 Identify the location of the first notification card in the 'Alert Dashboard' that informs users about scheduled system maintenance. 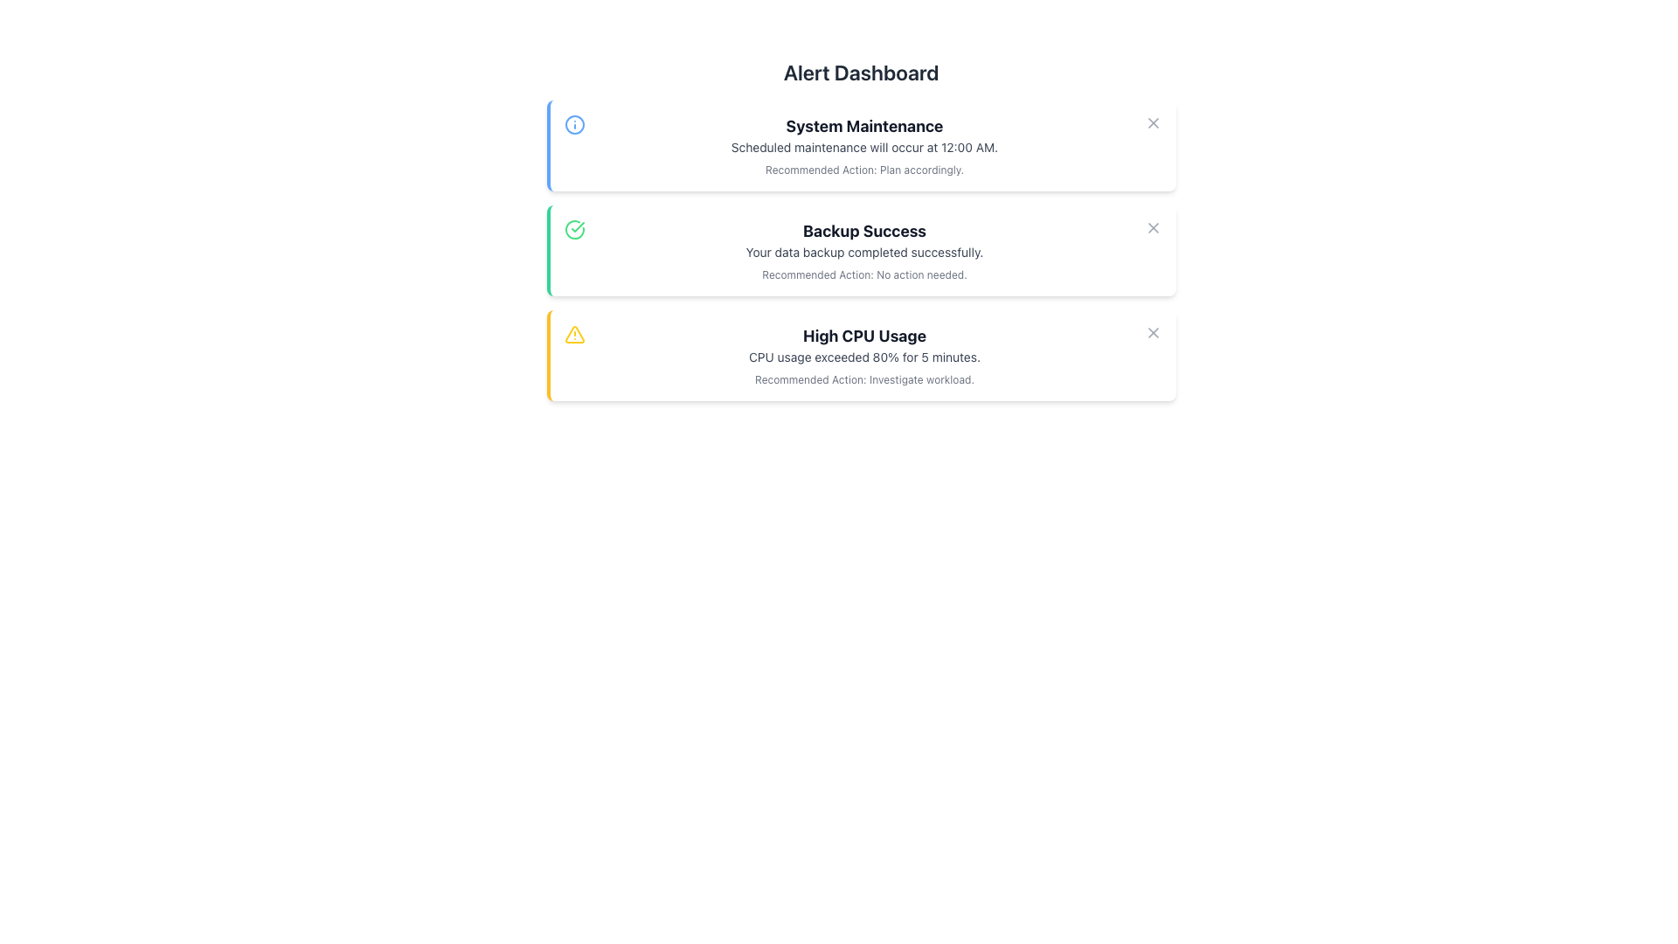
(861, 144).